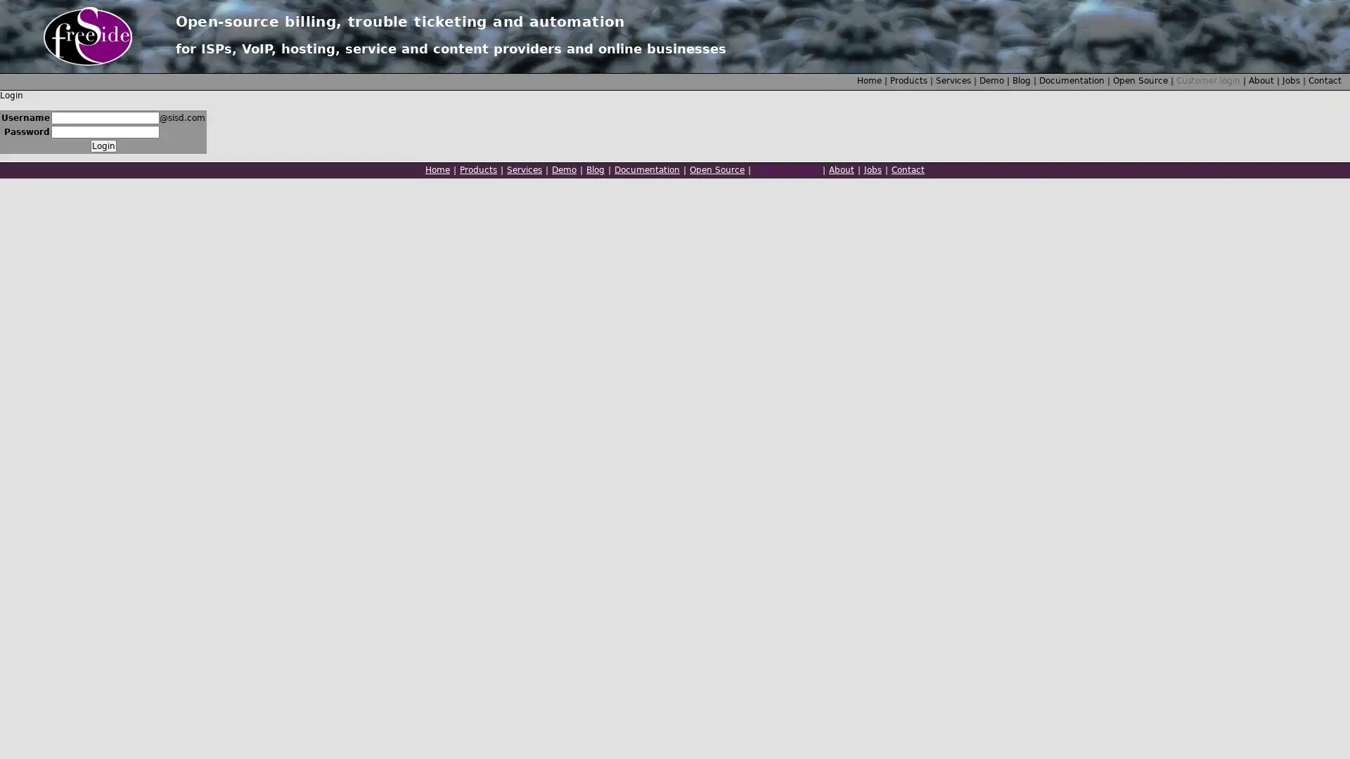 This screenshot has width=1350, height=759. I want to click on Login, so click(102, 146).